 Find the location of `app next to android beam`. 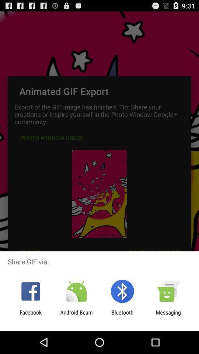

app next to android beam is located at coordinates (30, 315).